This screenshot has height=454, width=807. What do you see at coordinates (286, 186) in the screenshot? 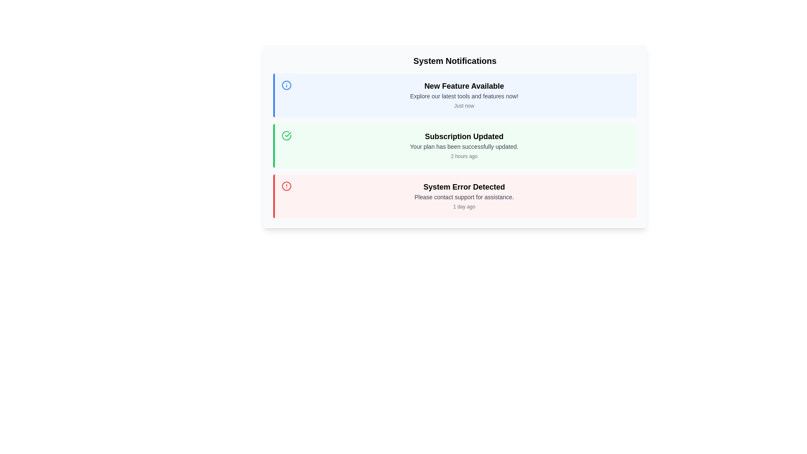
I see `the error alert icon located in the third notification box from the top, positioned on the left side` at bounding box center [286, 186].